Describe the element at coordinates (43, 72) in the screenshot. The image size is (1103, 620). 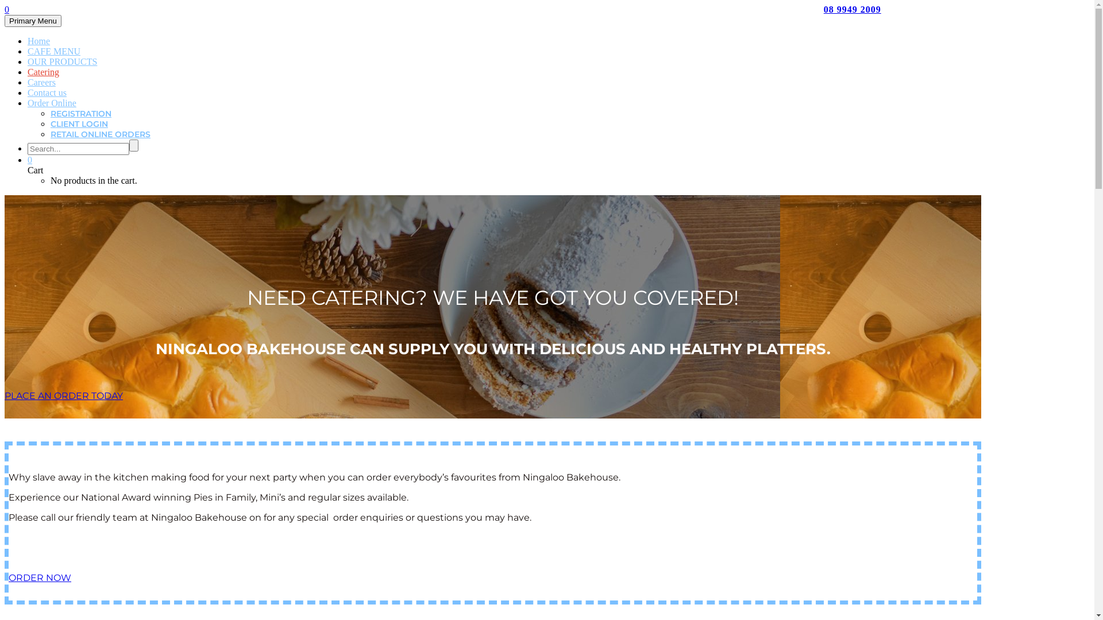
I see `'Catering'` at that location.